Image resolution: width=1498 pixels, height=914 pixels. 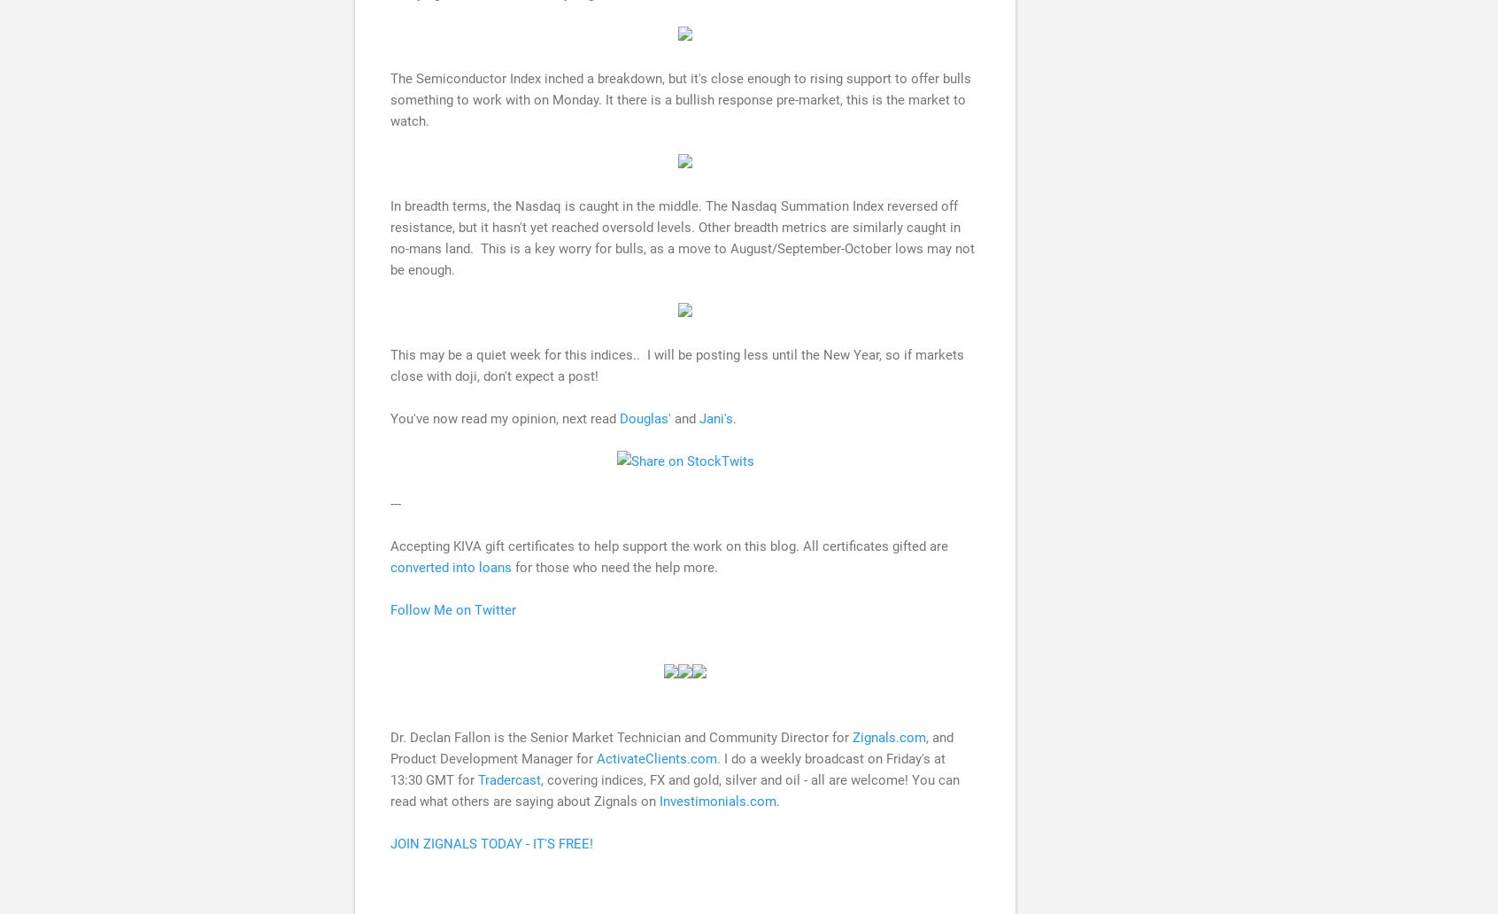 I want to click on 'ActivateClients.com', so click(x=655, y=758).